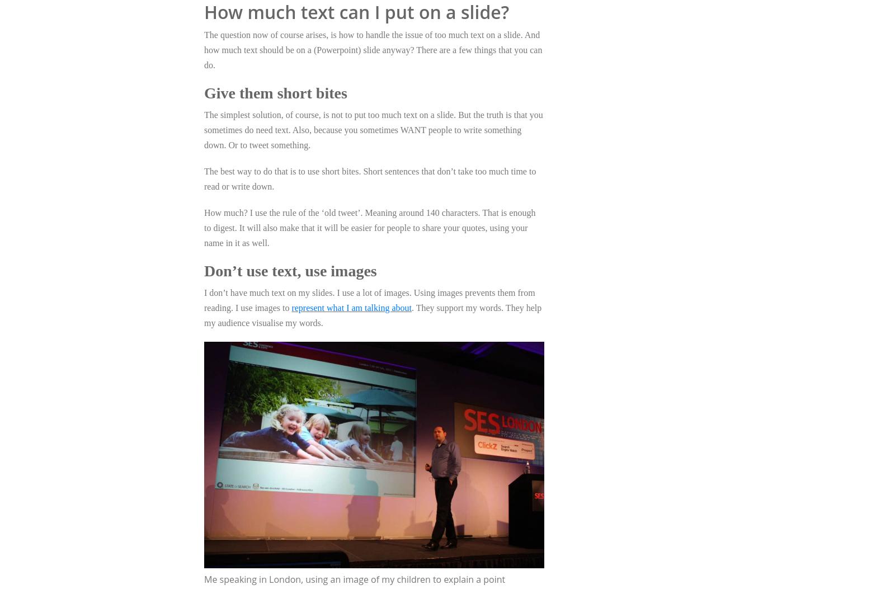  I want to click on 'represent what I am talking about', so click(351, 307).